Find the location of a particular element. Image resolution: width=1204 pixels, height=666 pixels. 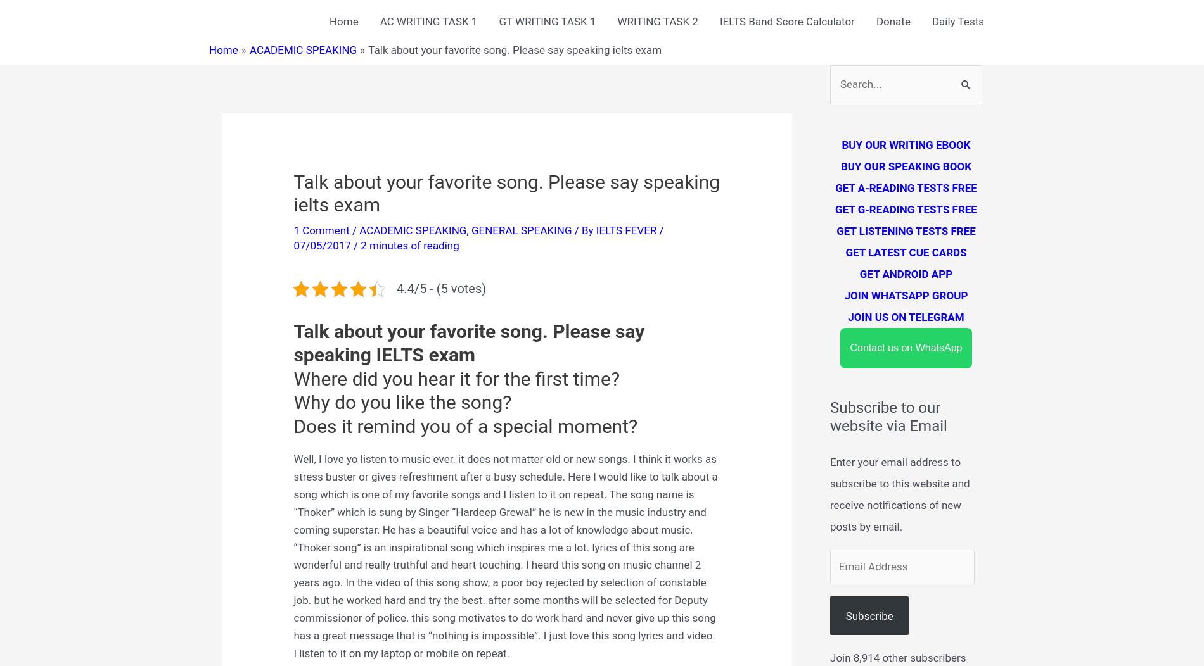

'GET A-READING TESTS FREE' is located at coordinates (906, 187).